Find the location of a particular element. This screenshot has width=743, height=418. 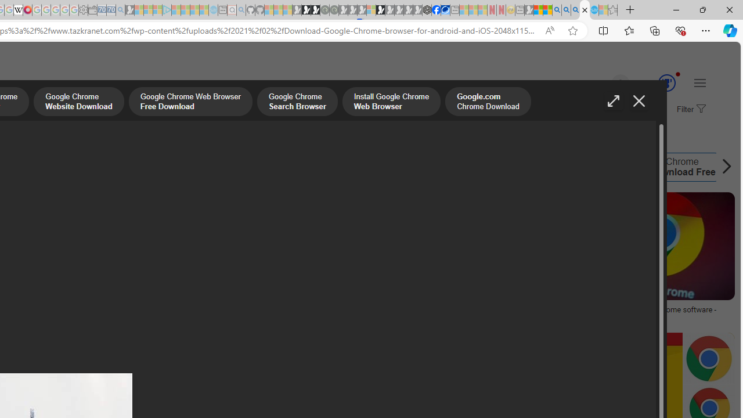

'Play Zoo Boom in your browser | Games from Microsoft Start' is located at coordinates (306, 10).